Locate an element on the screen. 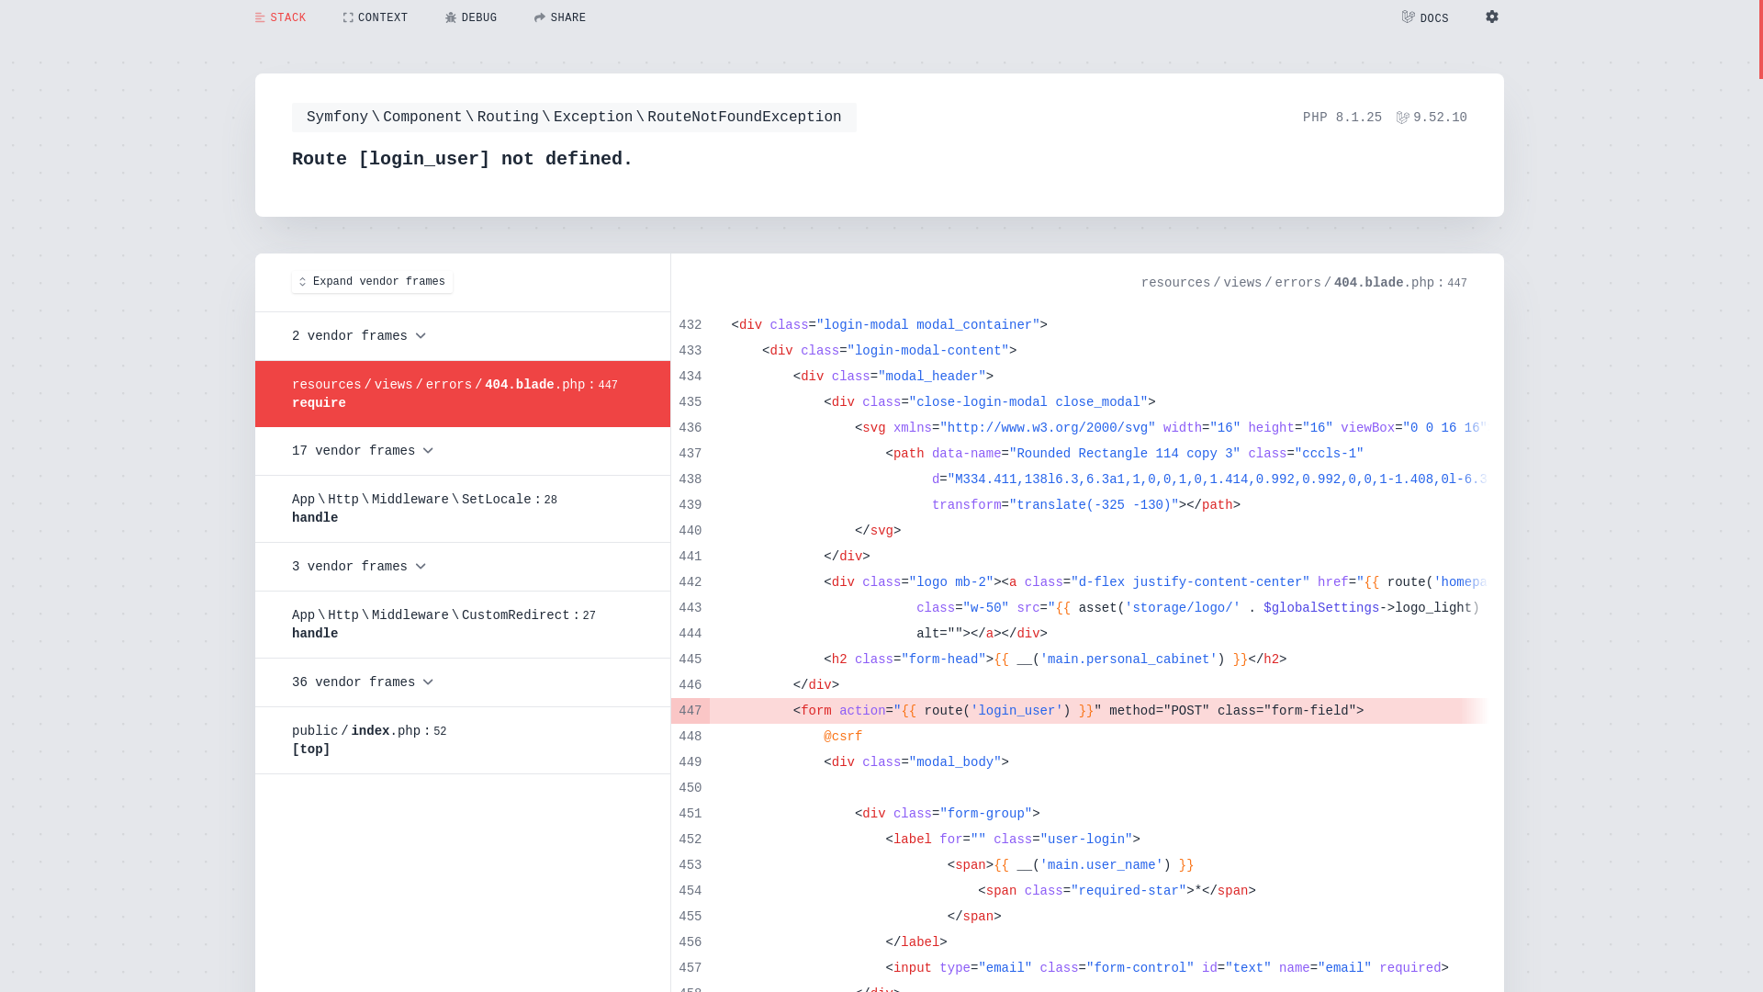  'STACK' is located at coordinates (280, 17).